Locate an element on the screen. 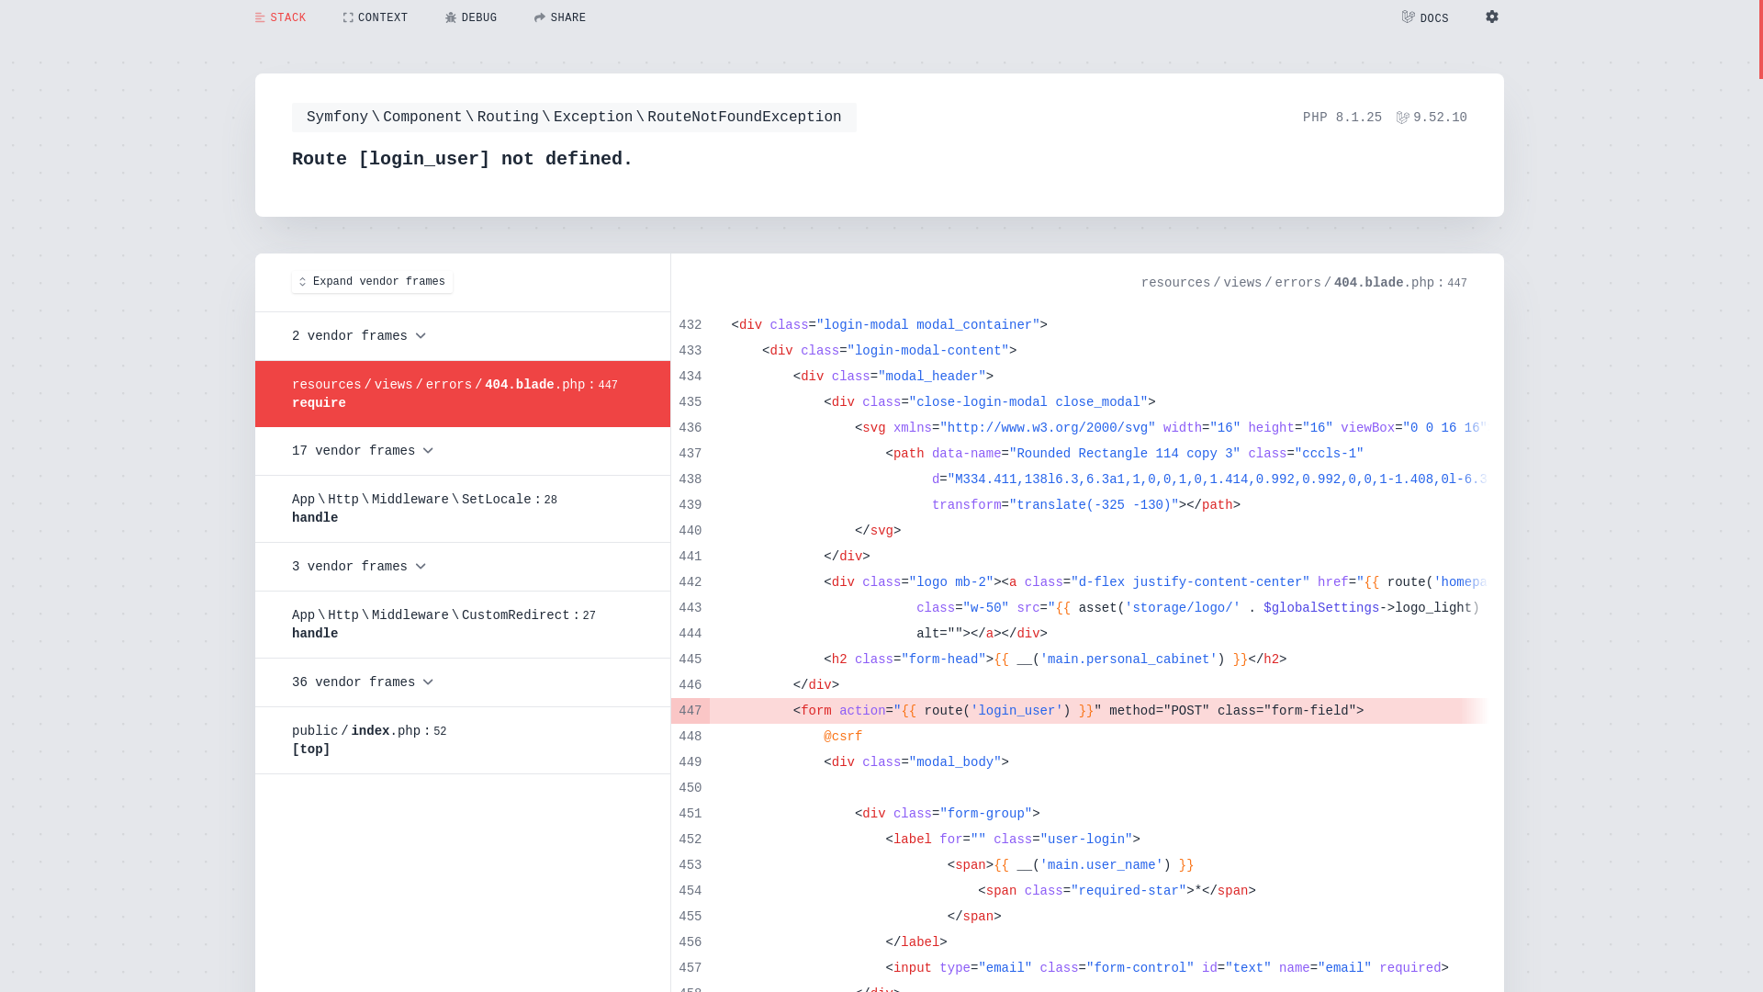  'STACK' is located at coordinates (280, 17).